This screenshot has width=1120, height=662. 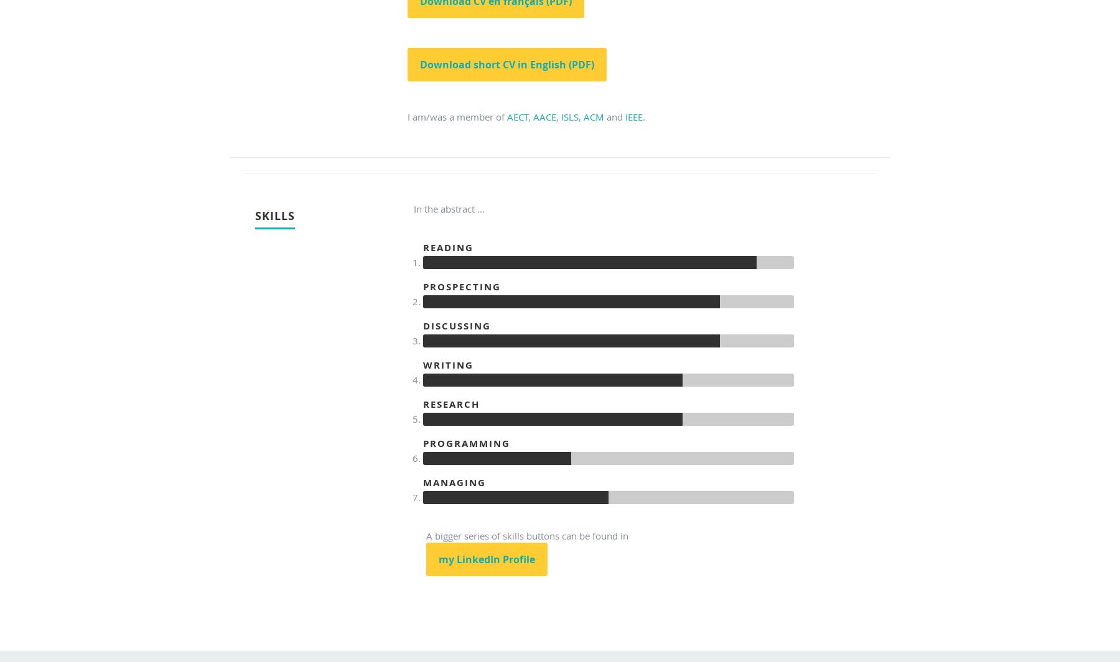 I want to click on 'Download short CV in English (PDF)', so click(x=507, y=64).